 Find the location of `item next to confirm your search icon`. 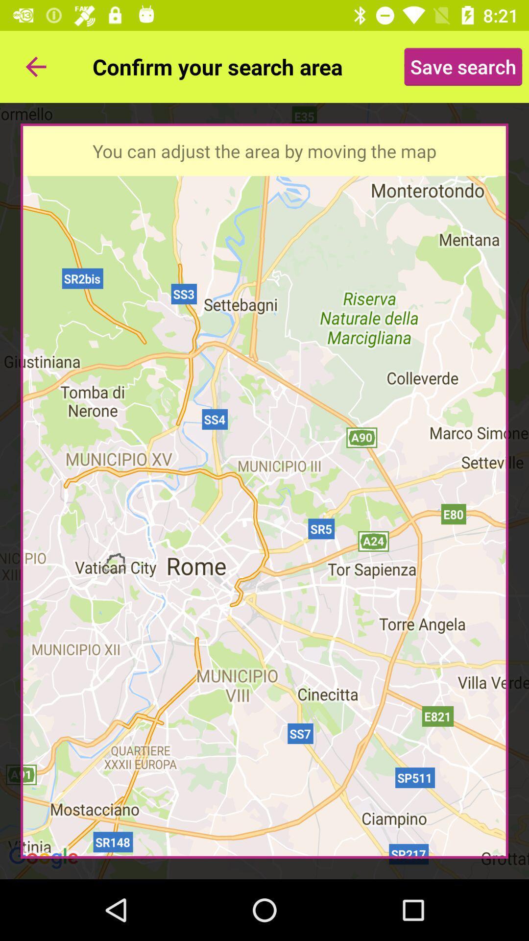

item next to confirm your search icon is located at coordinates (35, 66).